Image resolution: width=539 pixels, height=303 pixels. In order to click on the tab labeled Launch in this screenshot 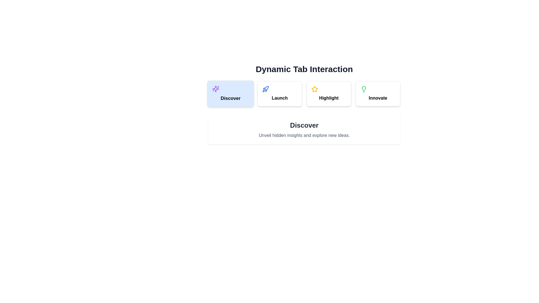, I will do `click(280, 93)`.